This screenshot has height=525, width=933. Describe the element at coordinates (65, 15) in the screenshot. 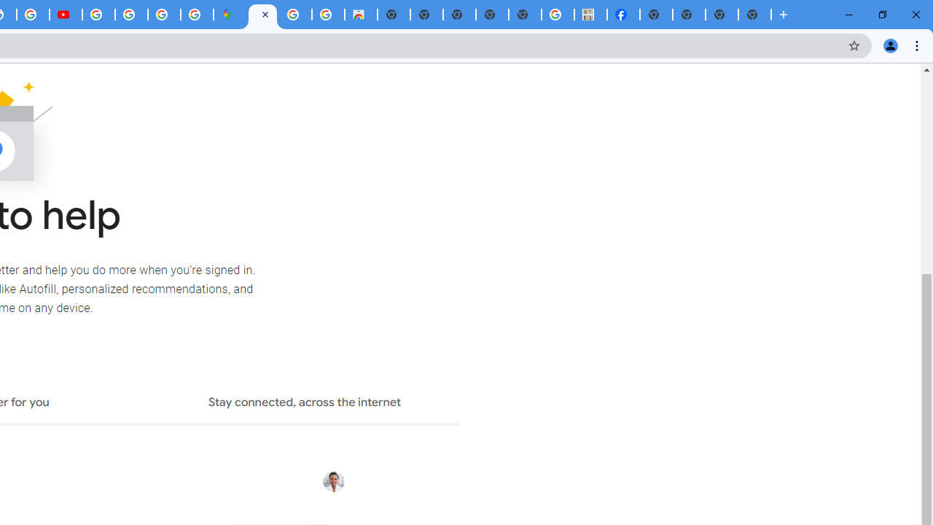

I see `'Subscriptions - YouTube'` at that location.